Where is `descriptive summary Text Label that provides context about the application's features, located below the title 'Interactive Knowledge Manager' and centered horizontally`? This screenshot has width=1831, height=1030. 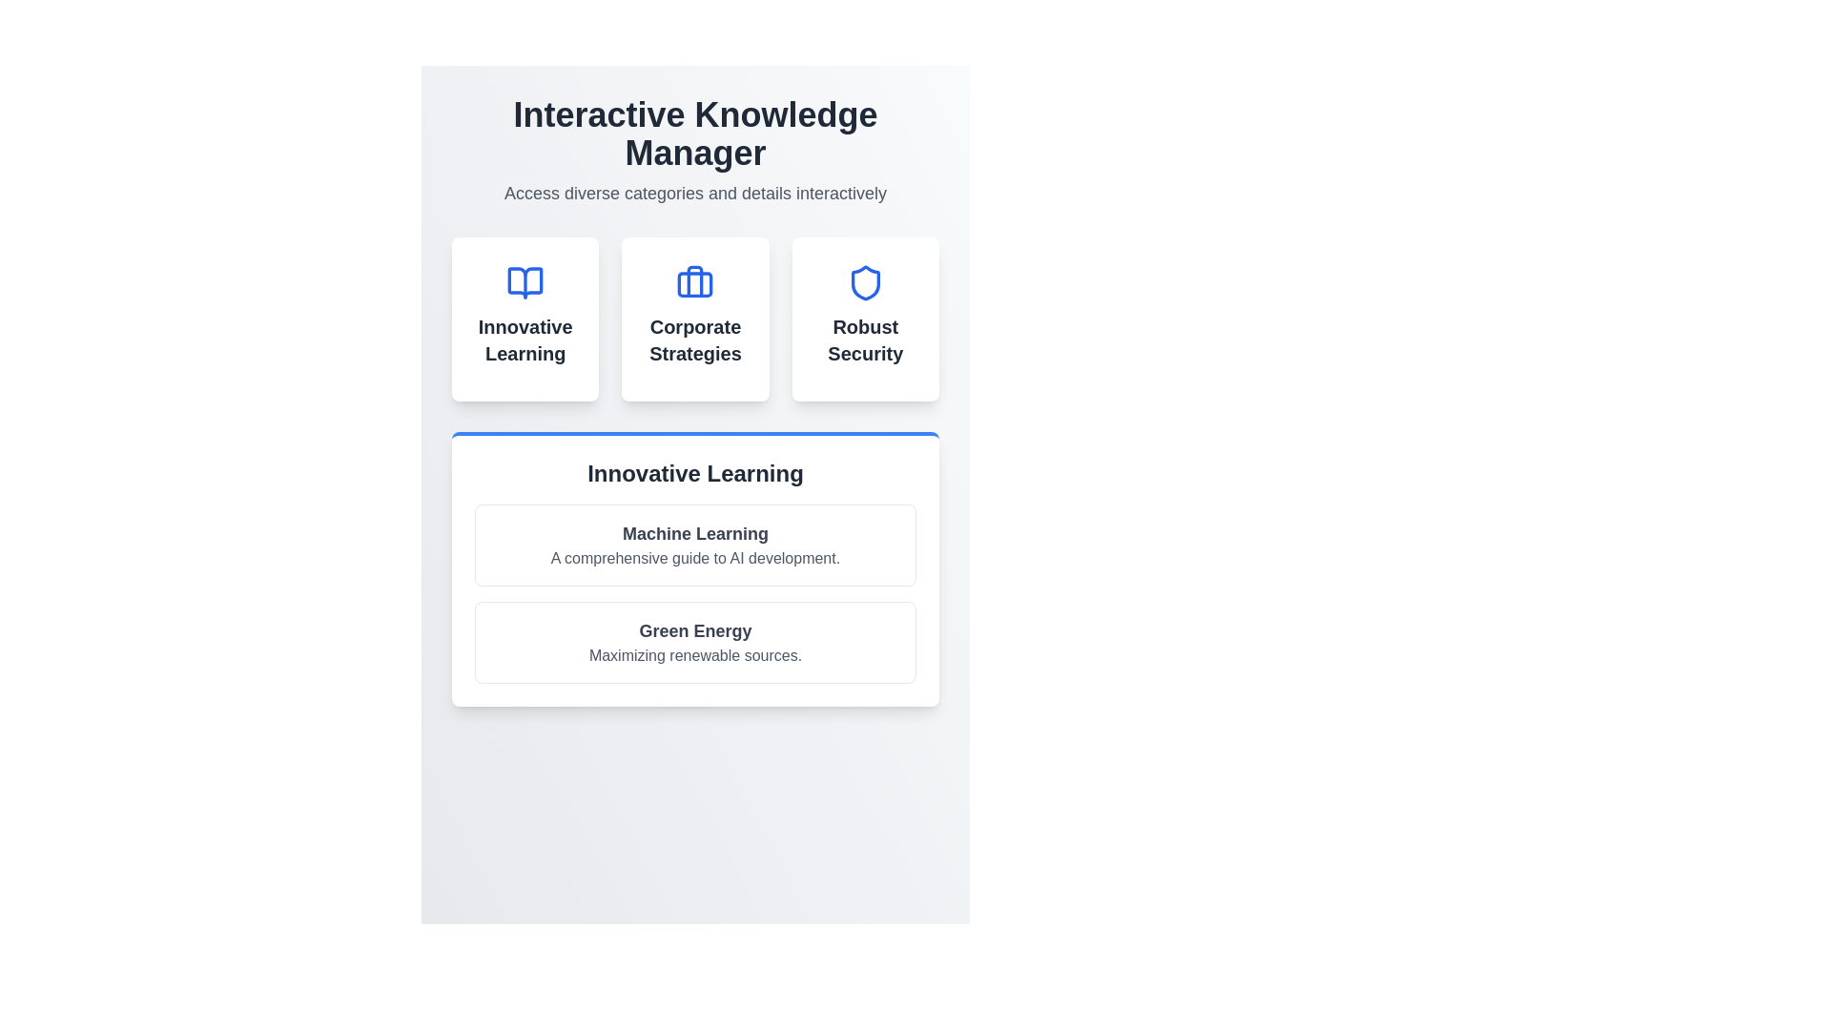
descriptive summary Text Label that provides context about the application's features, located below the title 'Interactive Knowledge Manager' and centered horizontally is located at coordinates (694, 194).